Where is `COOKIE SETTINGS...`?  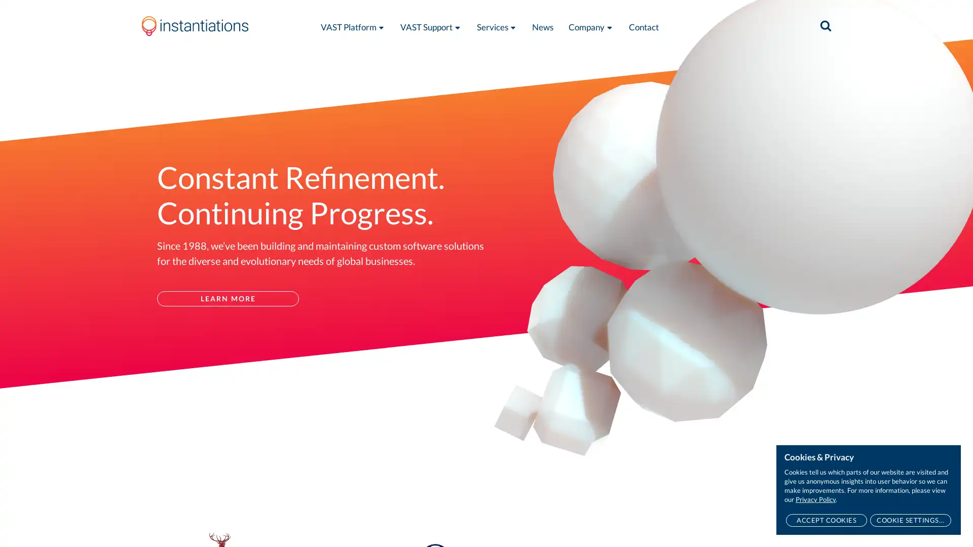
COOKIE SETTINGS... is located at coordinates (910, 520).